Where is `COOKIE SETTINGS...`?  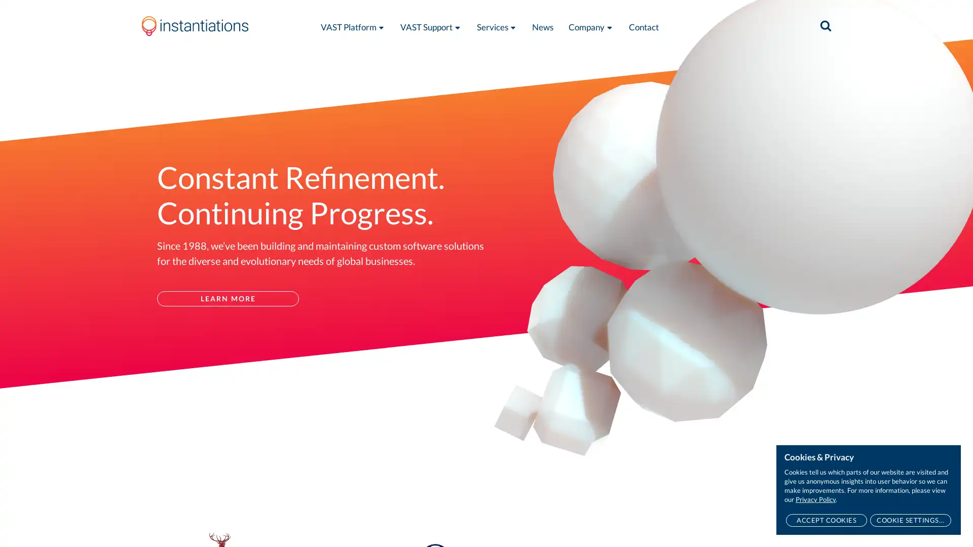
COOKIE SETTINGS... is located at coordinates (910, 520).